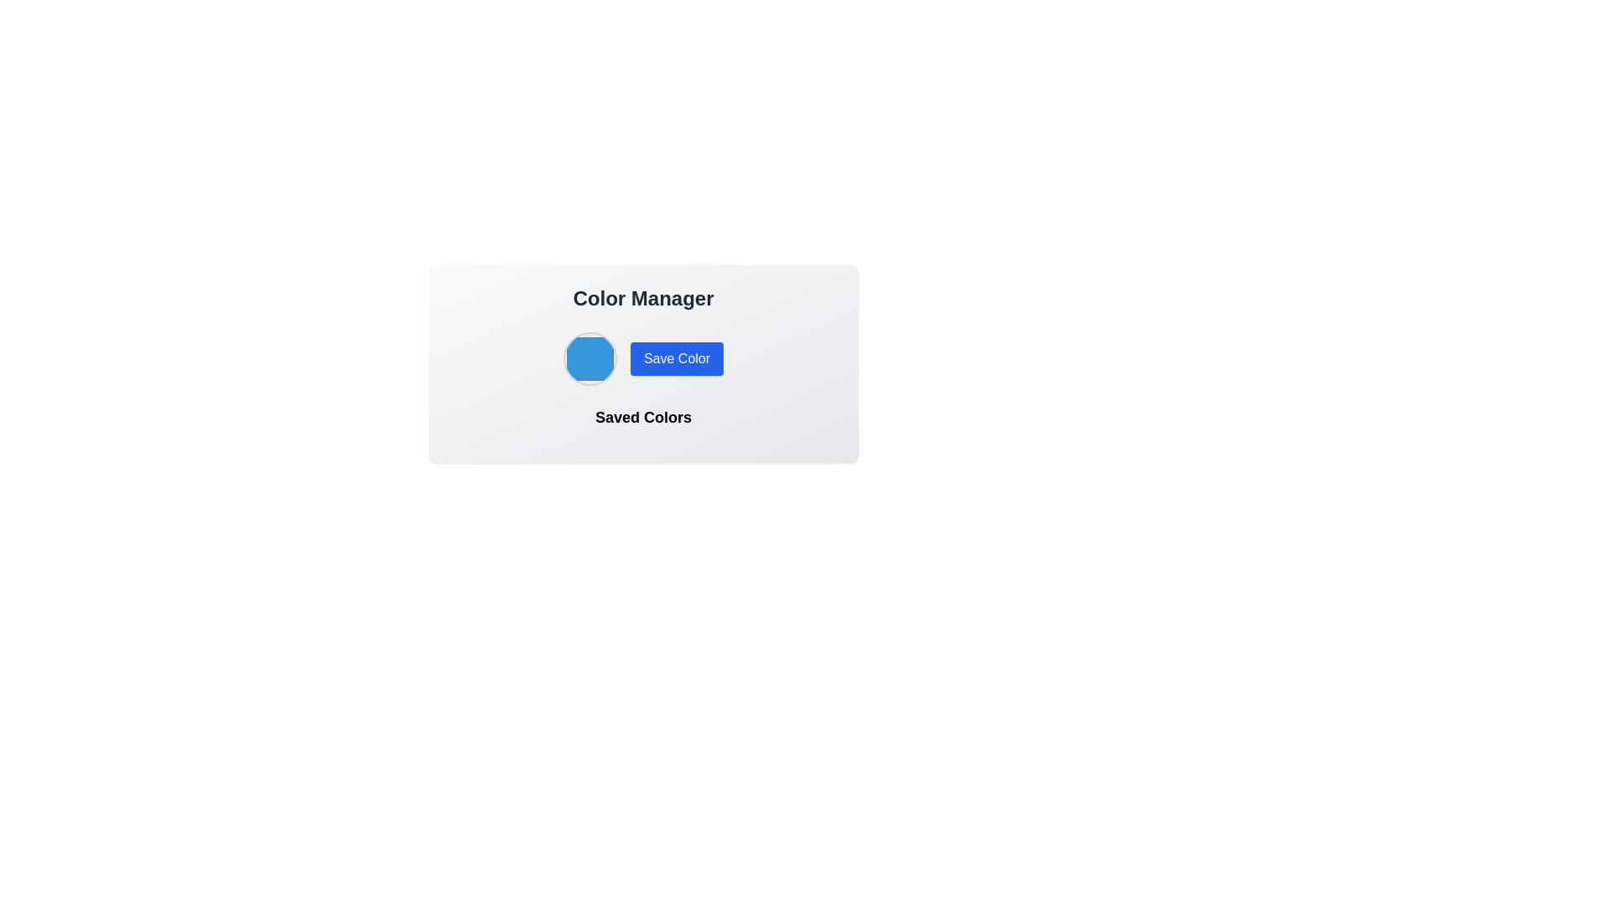 This screenshot has height=904, width=1608. I want to click on the 'Save Color' button with a blue background and white text located in the 'Color Manager' section for keyboard interactions, so click(642, 357).